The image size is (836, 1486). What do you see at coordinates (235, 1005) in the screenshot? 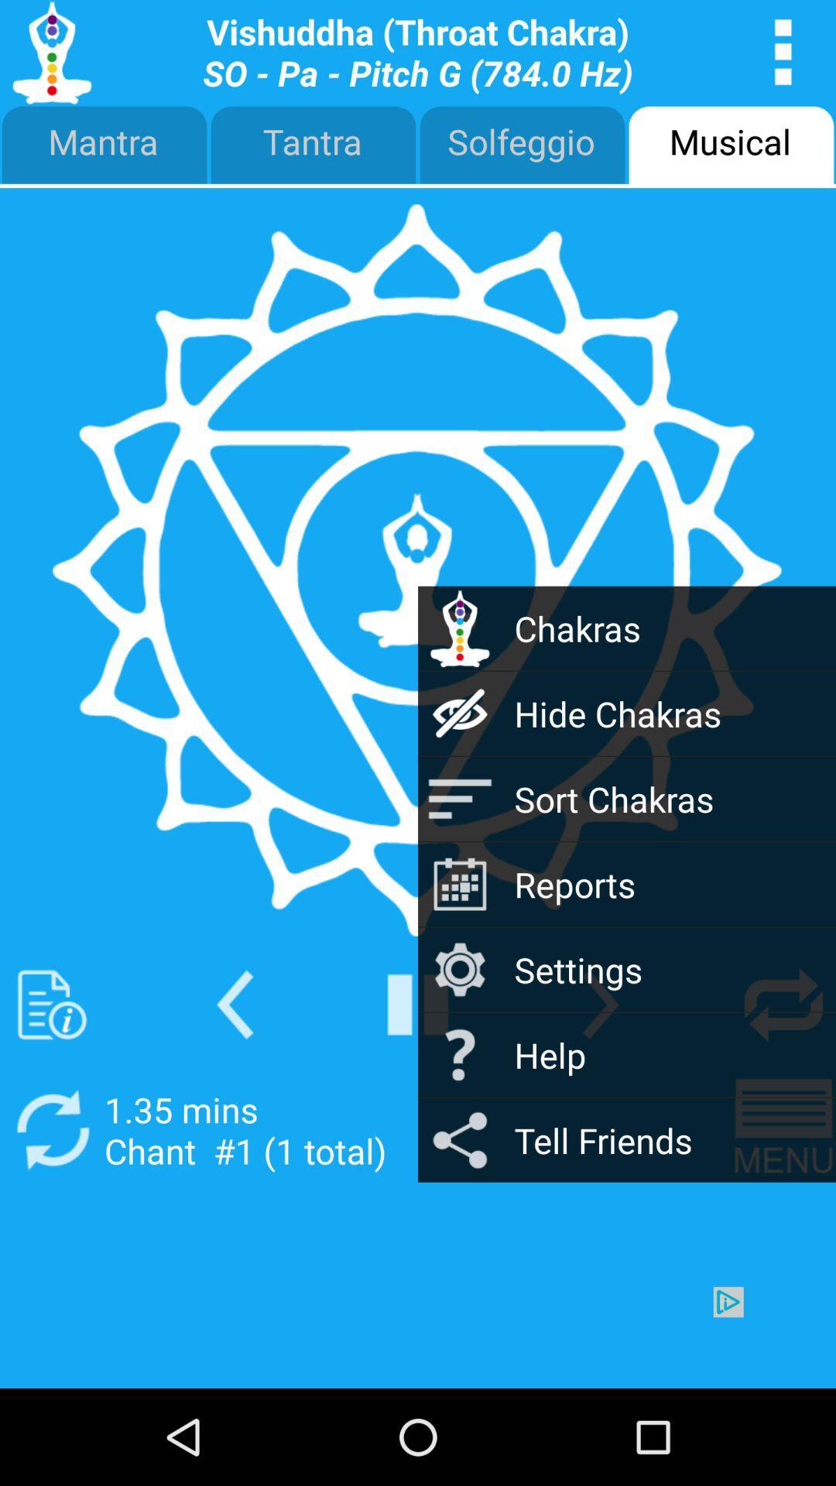
I see `back face` at bounding box center [235, 1005].